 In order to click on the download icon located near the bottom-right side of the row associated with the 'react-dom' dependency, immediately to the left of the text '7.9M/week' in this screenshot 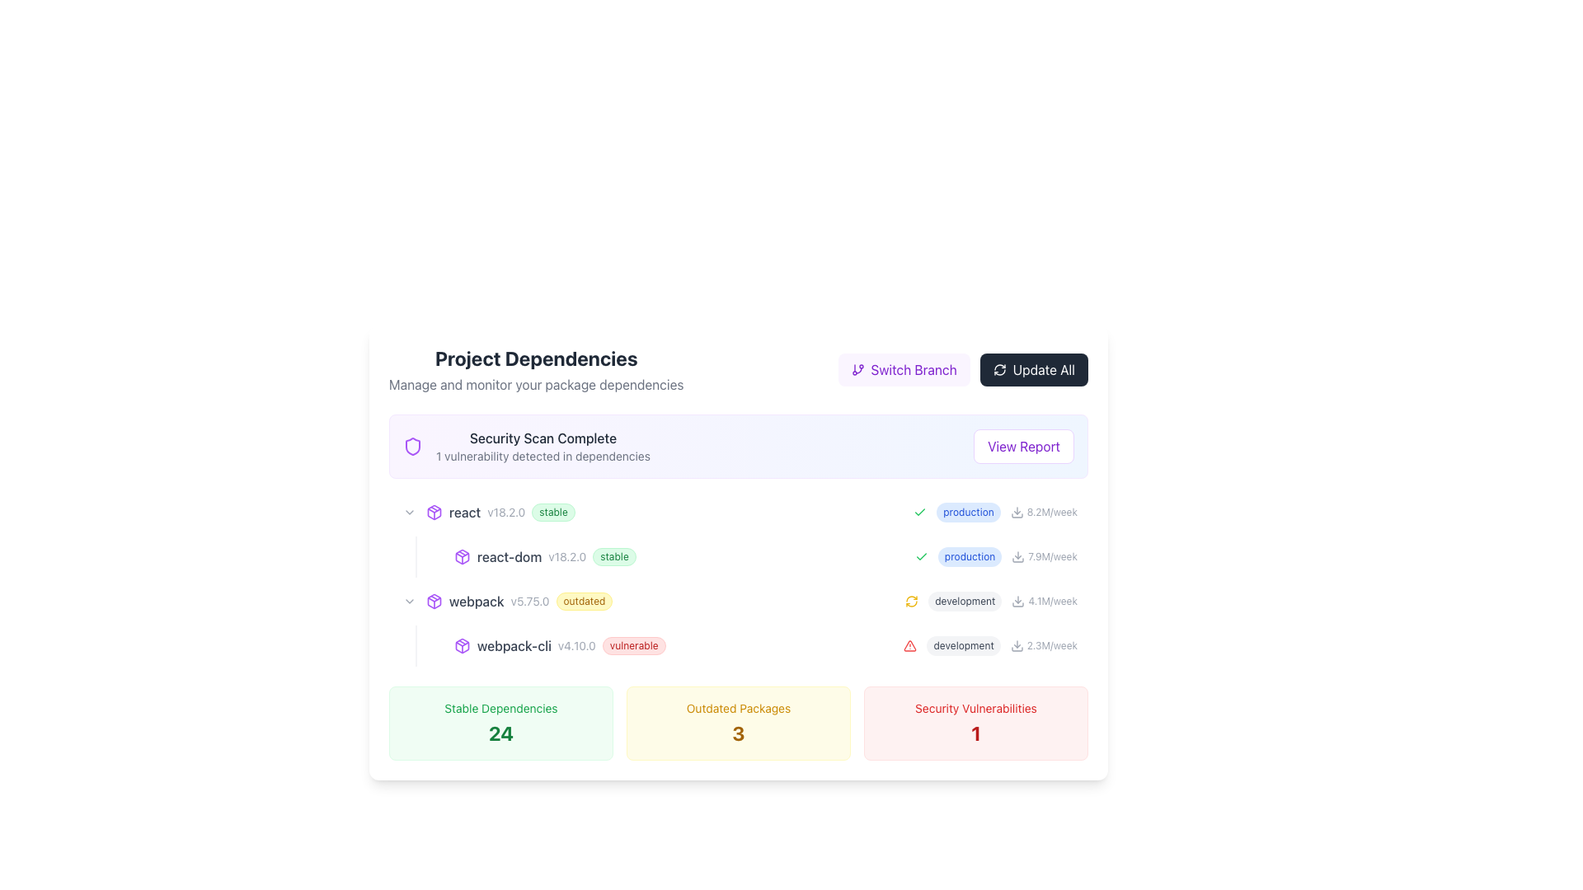, I will do `click(1017, 556)`.